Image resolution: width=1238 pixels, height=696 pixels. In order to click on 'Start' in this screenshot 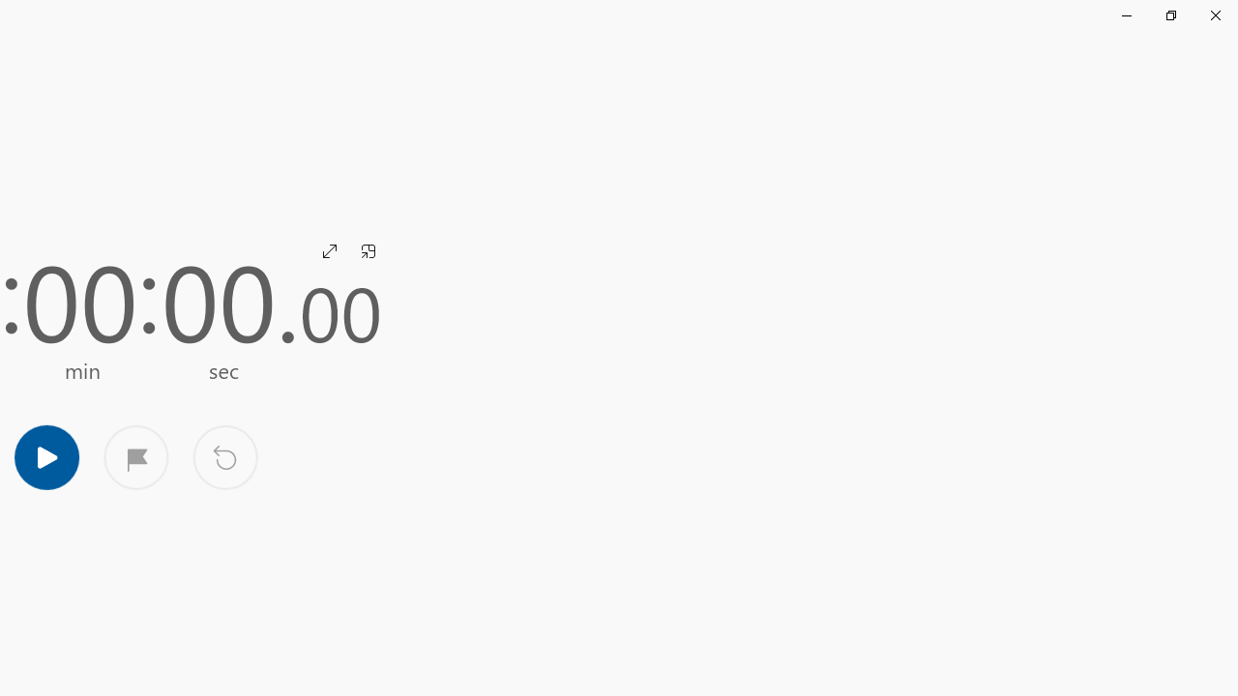, I will do `click(46, 456)`.